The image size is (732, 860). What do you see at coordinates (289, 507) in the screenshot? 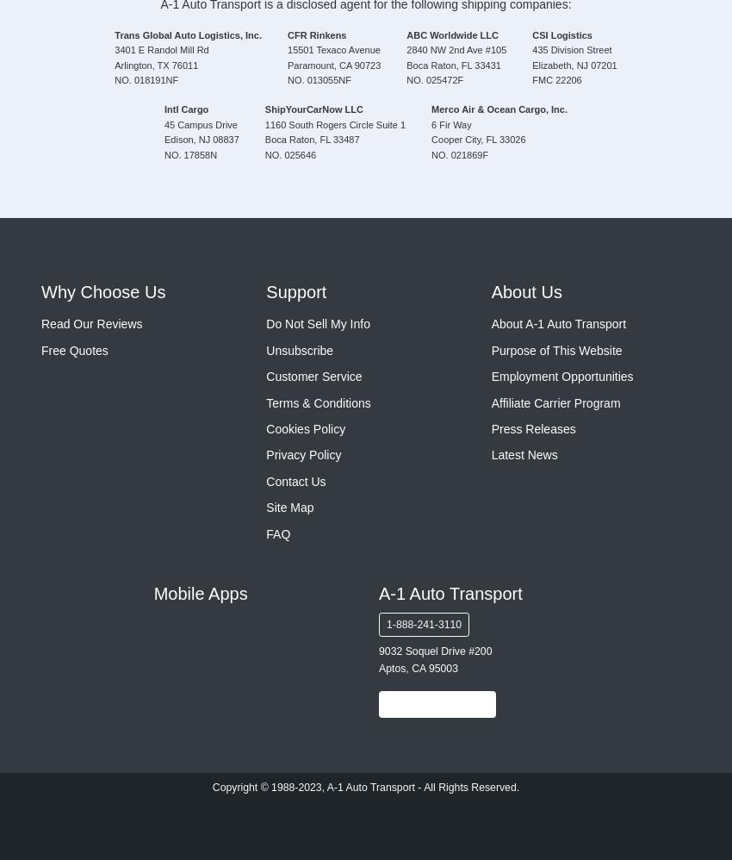
I see `'Site Map'` at bounding box center [289, 507].